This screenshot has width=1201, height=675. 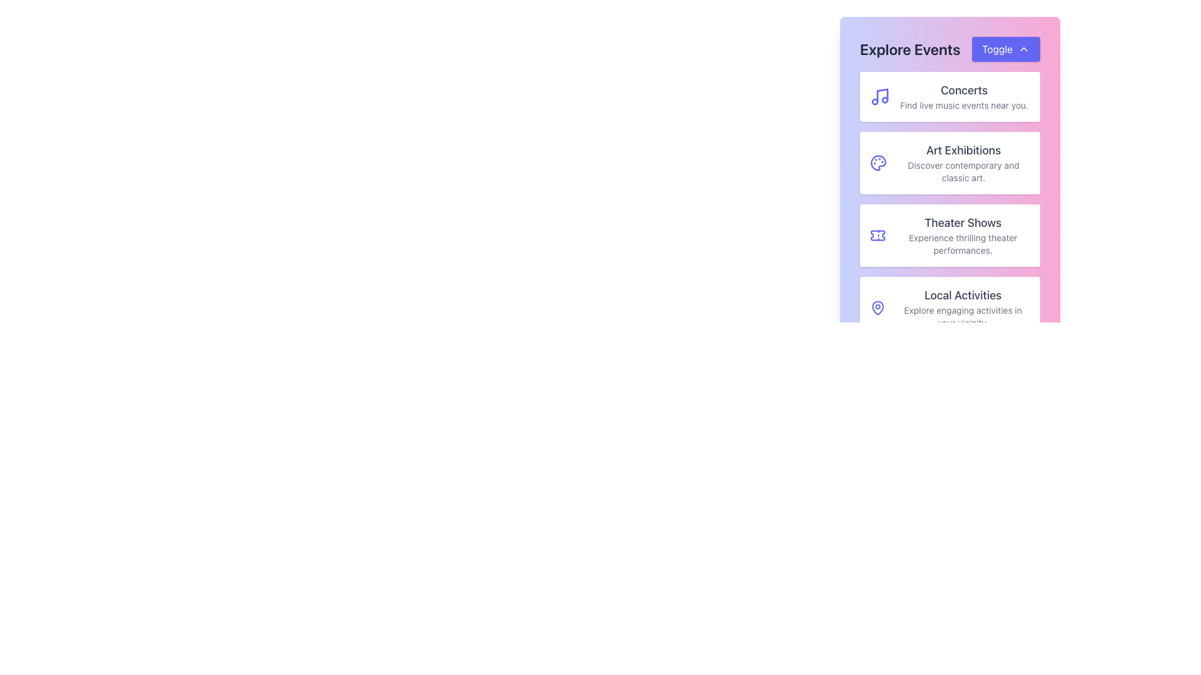 I want to click on the Event Tile, which is the third item in the list under 'Explore Events', so click(x=950, y=204).